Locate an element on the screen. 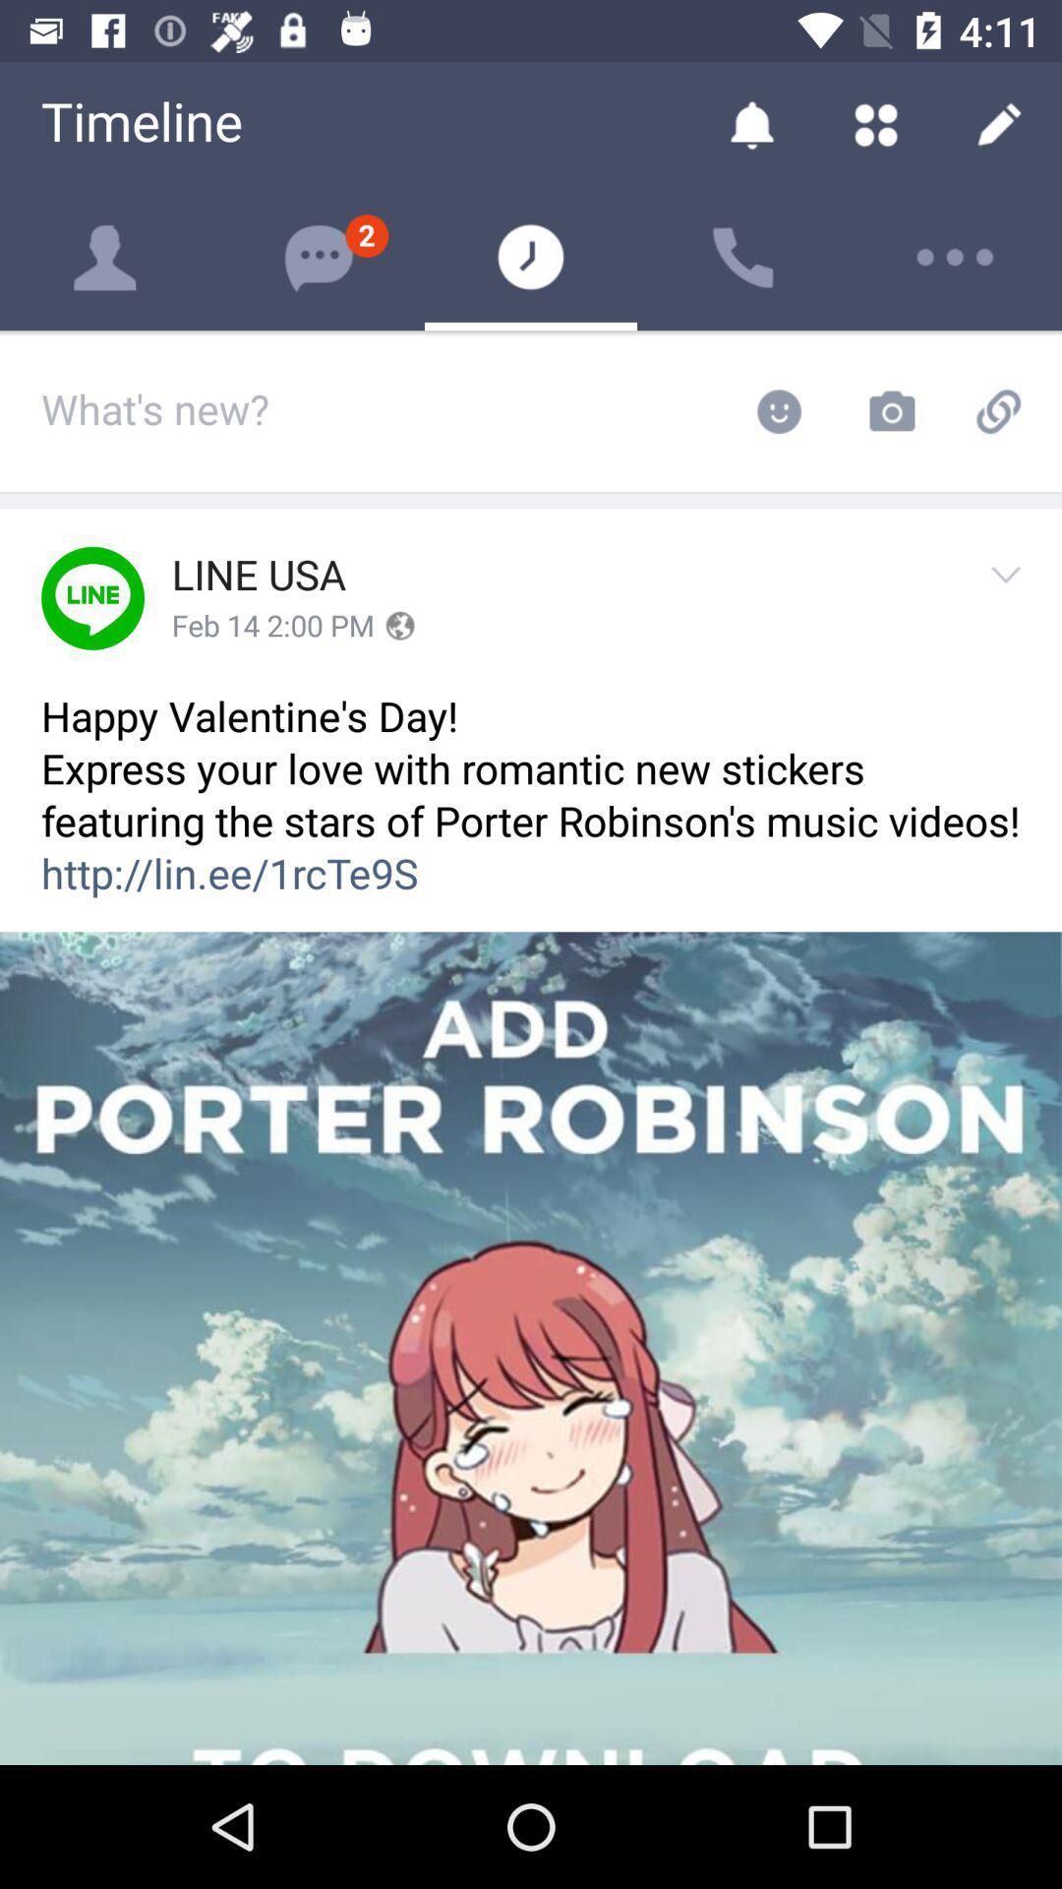 This screenshot has height=1889, width=1062. the more icon is located at coordinates (955, 257).